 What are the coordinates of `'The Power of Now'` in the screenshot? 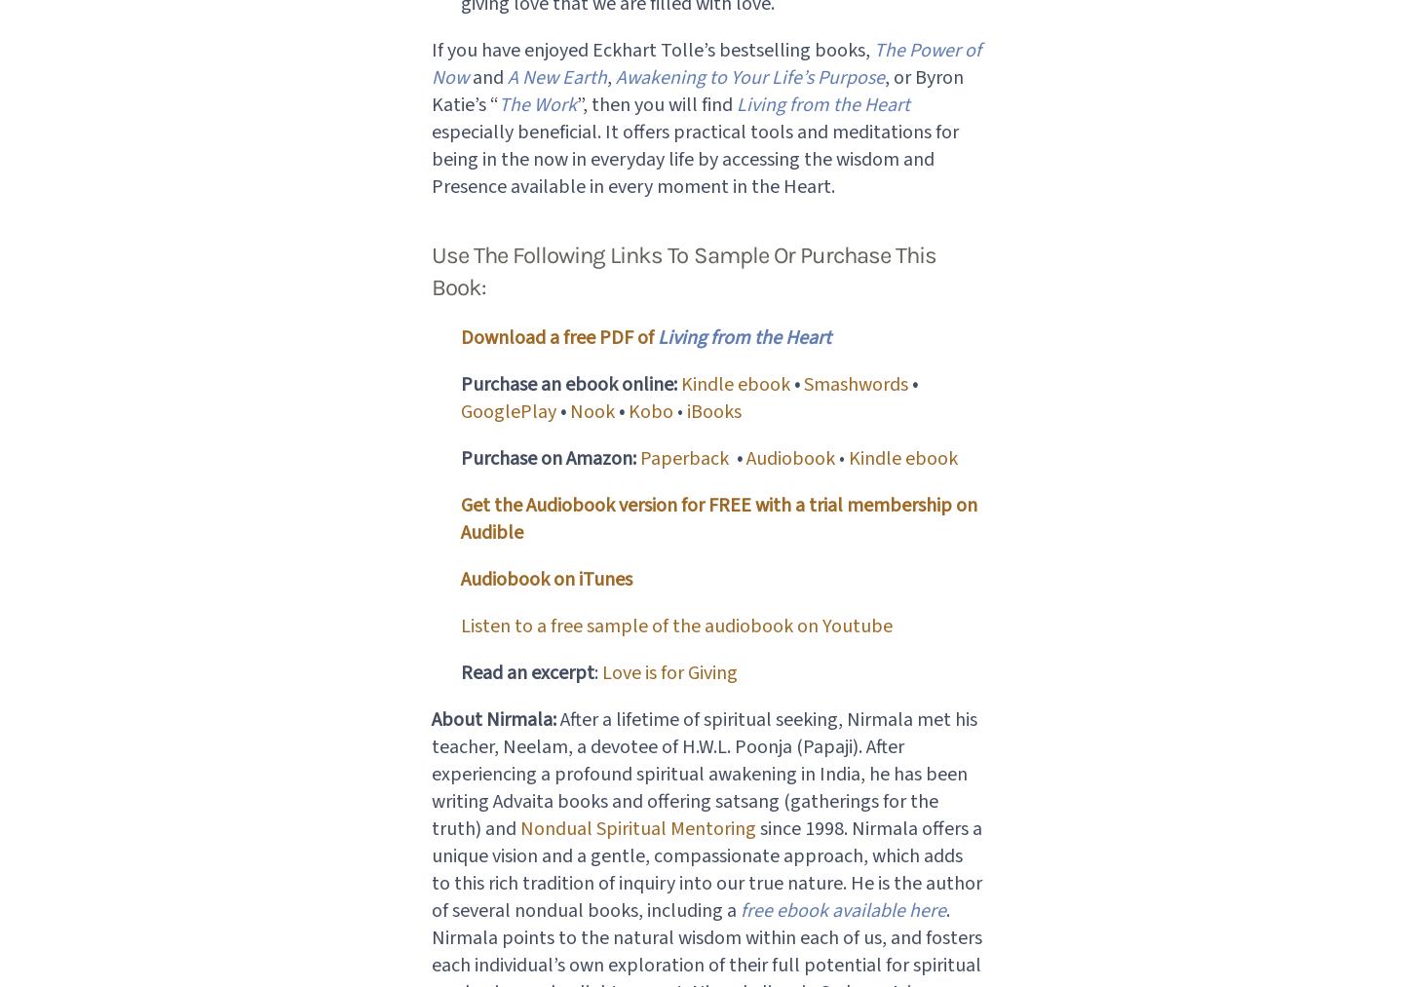 It's located at (429, 62).